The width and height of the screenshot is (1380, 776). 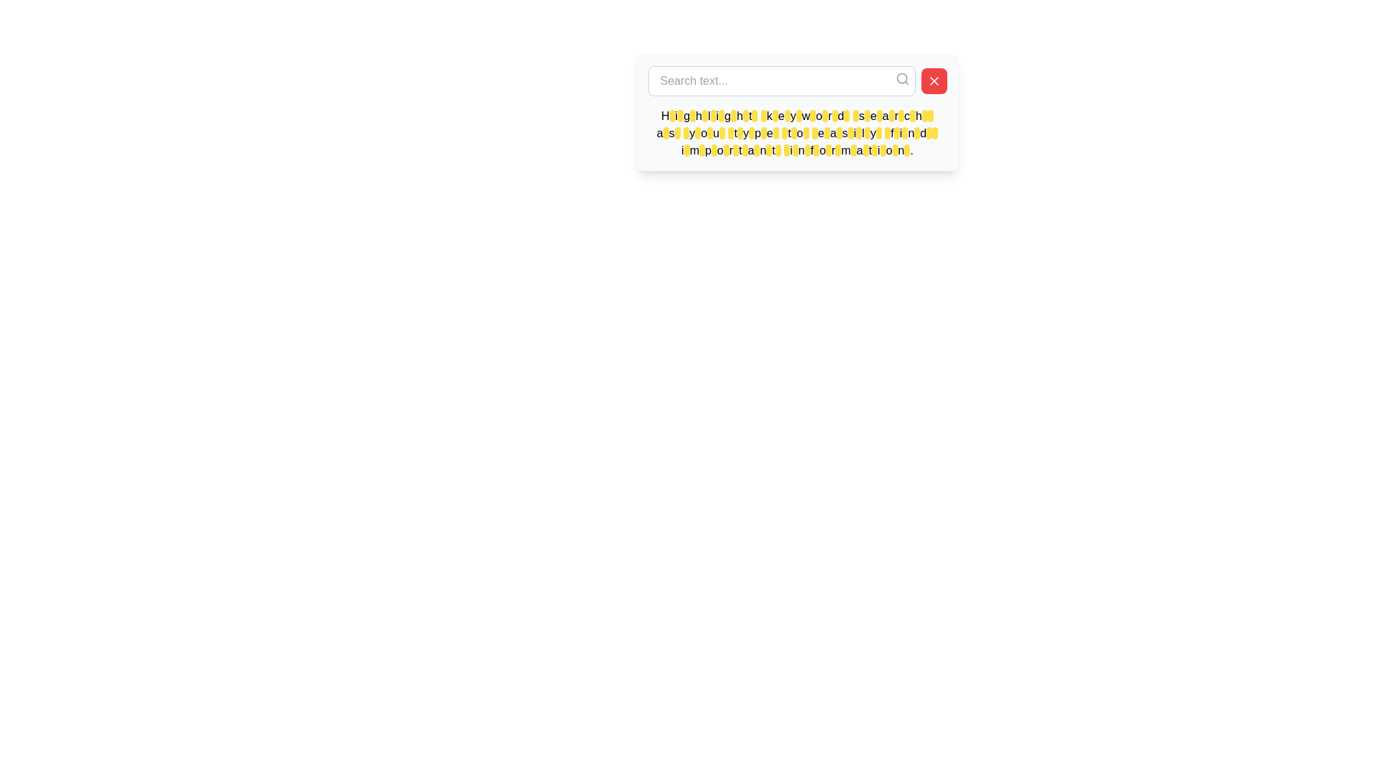 What do you see at coordinates (796, 112) in the screenshot?
I see `the text block that displays contextual information or guidance related to the search functionality, which is positioned directly beneath the search bar` at bounding box center [796, 112].